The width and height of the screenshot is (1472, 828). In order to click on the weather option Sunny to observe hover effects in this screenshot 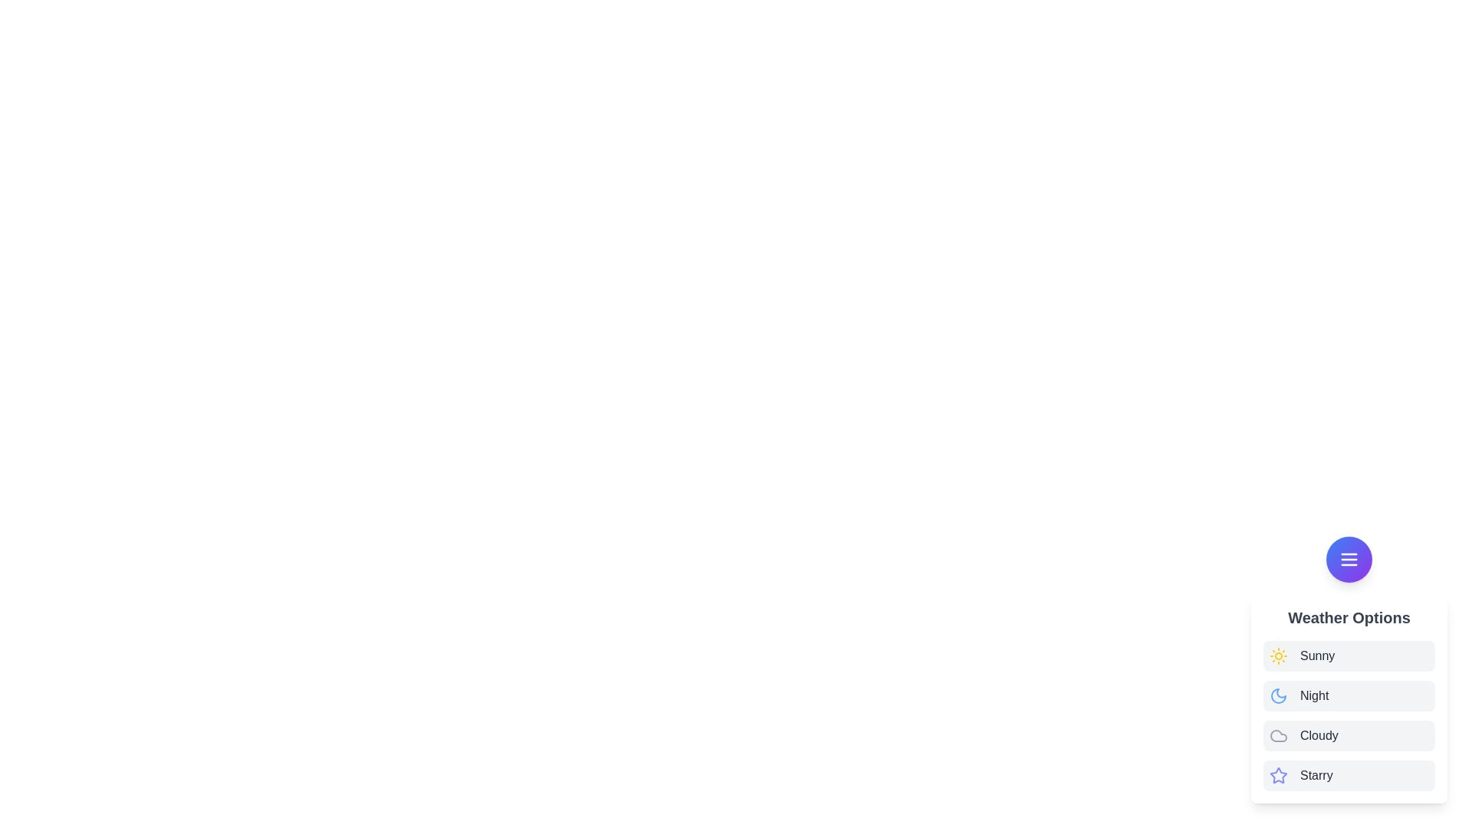, I will do `click(1349, 655)`.